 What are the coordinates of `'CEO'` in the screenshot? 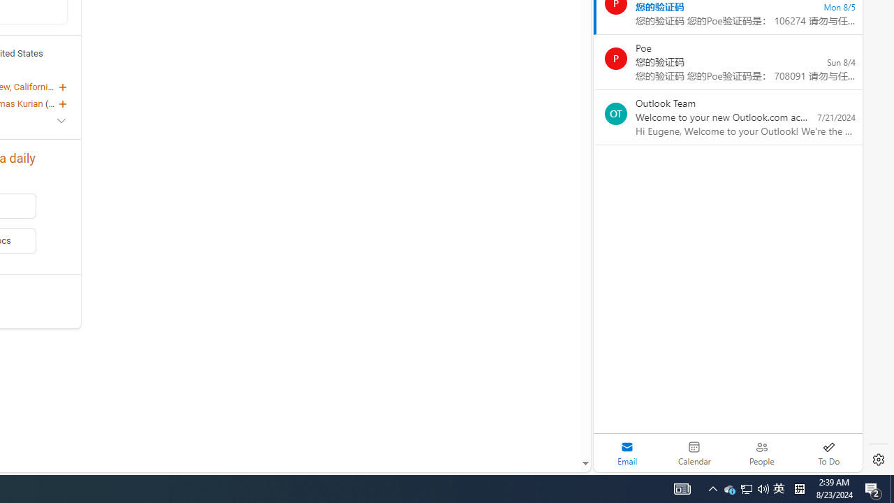 It's located at (56, 102).